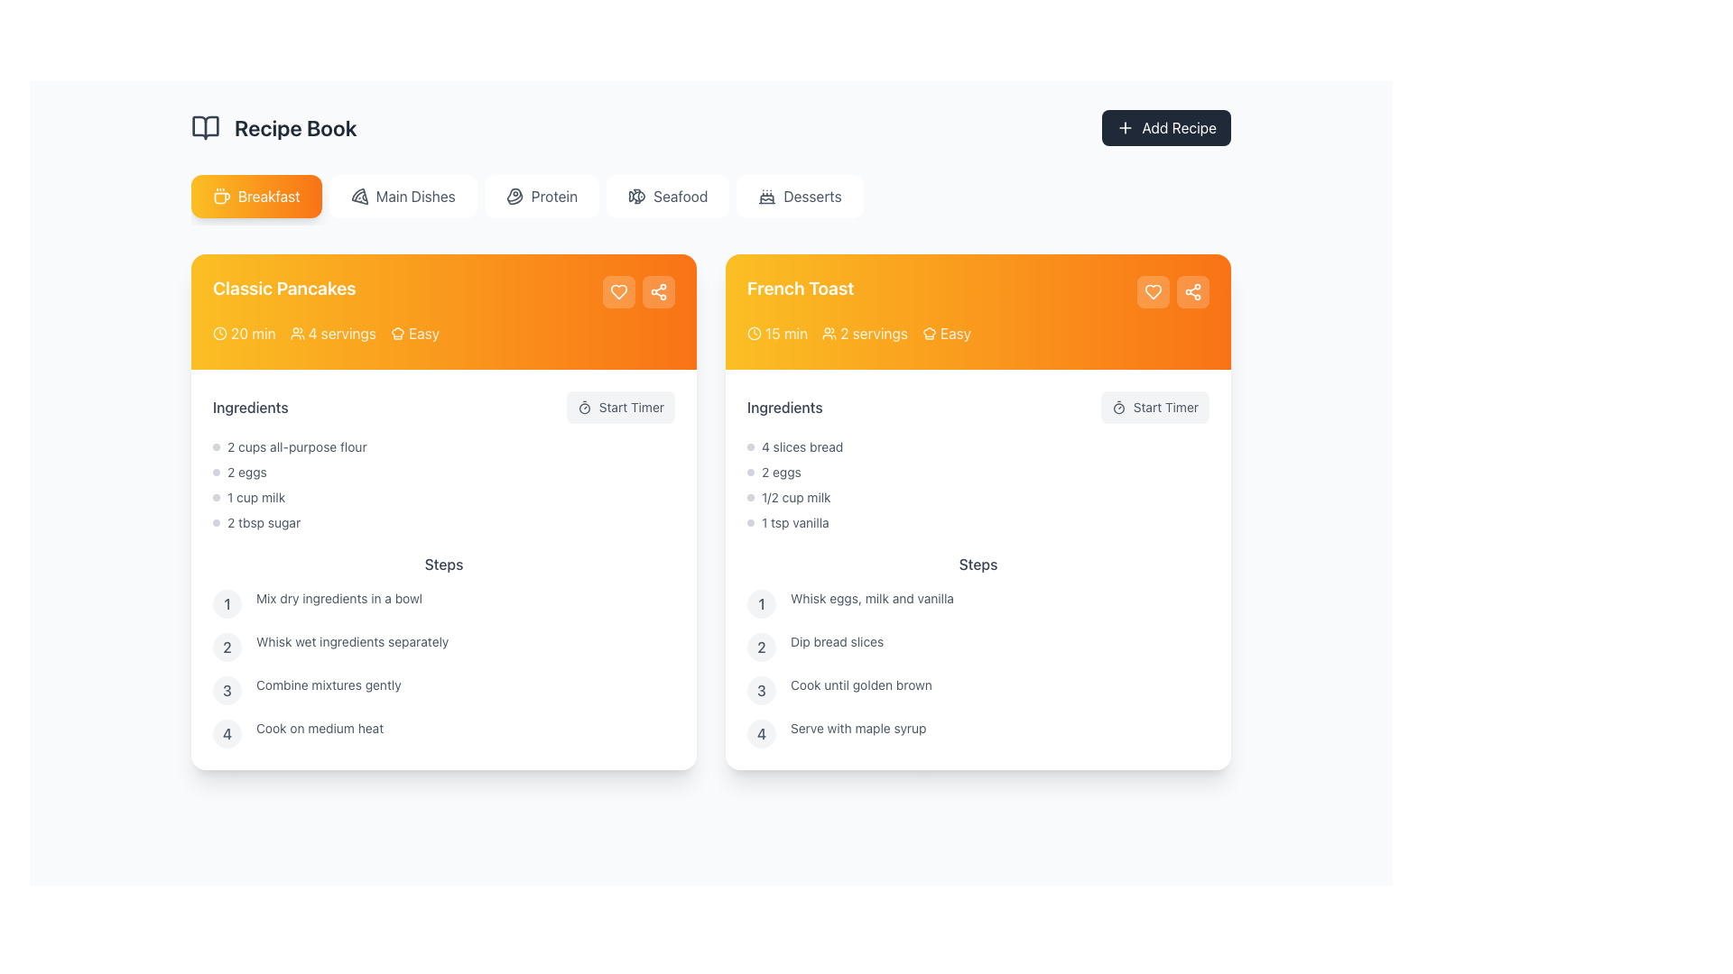 Image resolution: width=1733 pixels, height=974 pixels. I want to click on the 'Start Timer' label text within the button in the 'French Toast' recipe card, which is styled with a gray font and smaller size, so click(1165, 407).